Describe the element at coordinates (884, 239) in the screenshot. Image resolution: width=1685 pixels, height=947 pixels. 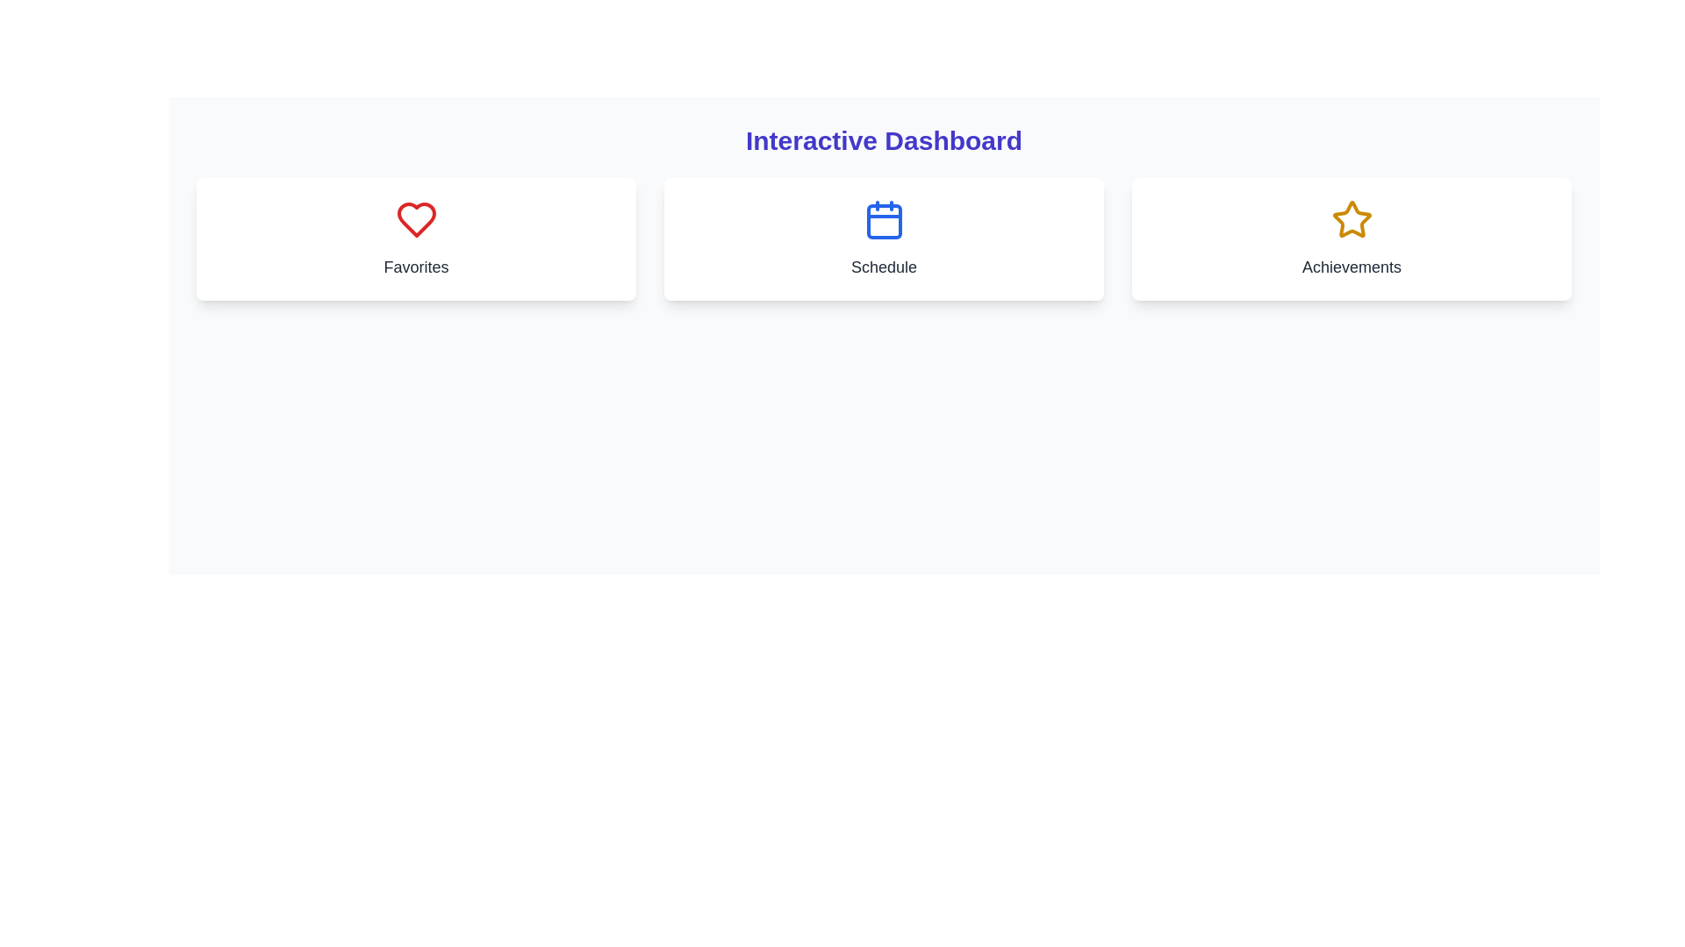
I see `the 'Schedule' button with a calendar icon located centrally under the 'Interactive Dashboard' header` at that location.